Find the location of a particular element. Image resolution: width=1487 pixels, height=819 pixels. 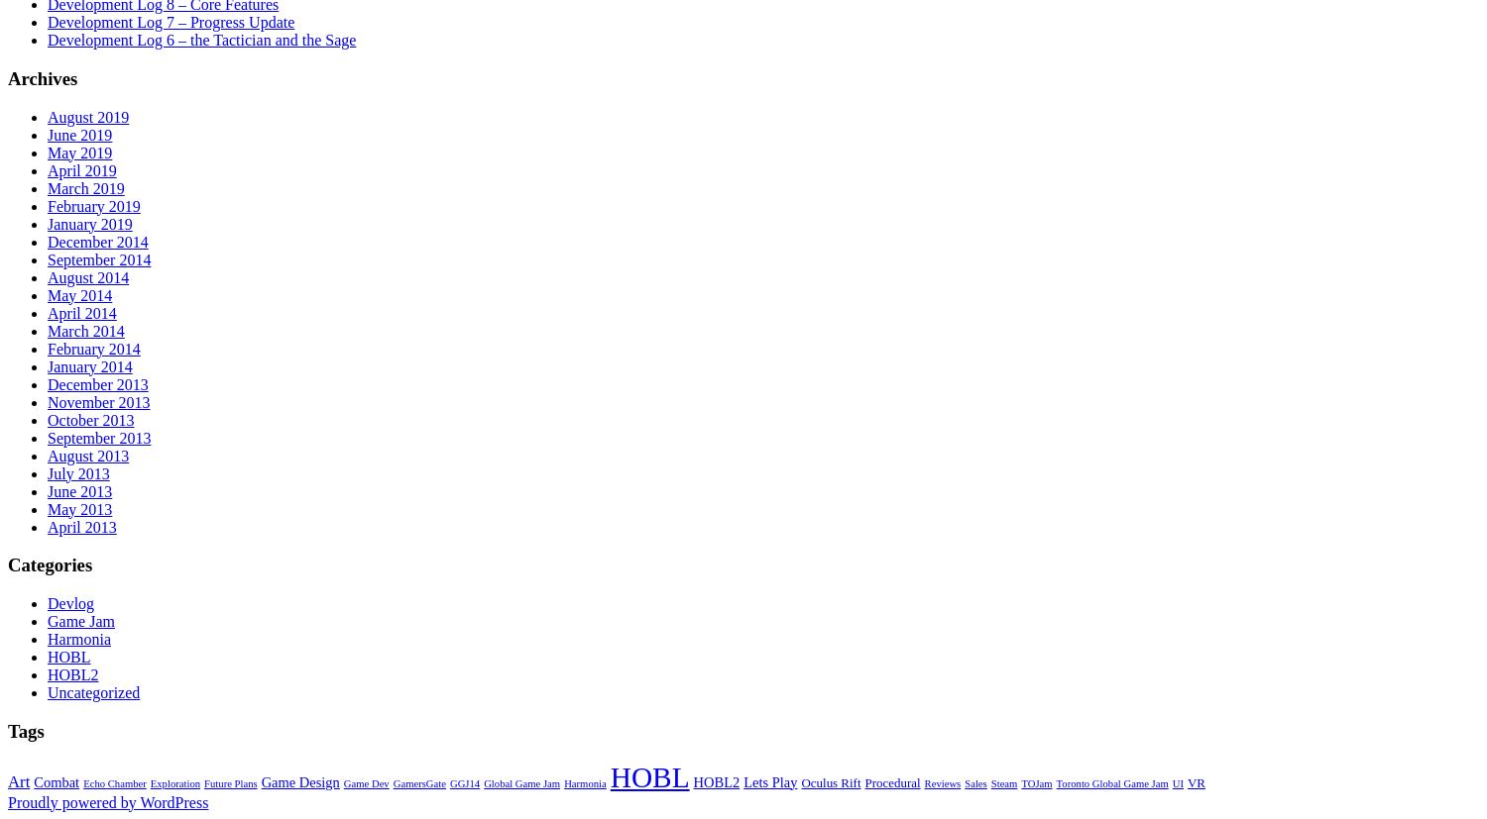

'Devlog' is located at coordinates (69, 602).